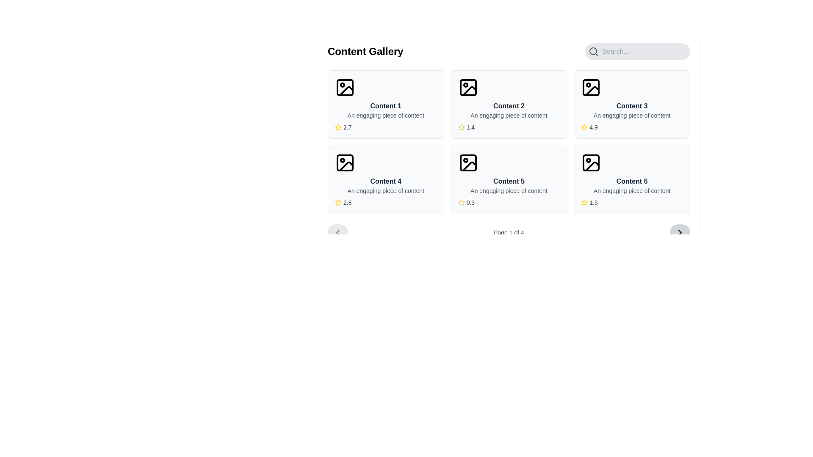 This screenshot has height=457, width=813. What do you see at coordinates (632, 105) in the screenshot?
I see `the title text label located in the second column of the first row of the grid, which is positioned below an image icon and above a subtitle and rating element` at bounding box center [632, 105].